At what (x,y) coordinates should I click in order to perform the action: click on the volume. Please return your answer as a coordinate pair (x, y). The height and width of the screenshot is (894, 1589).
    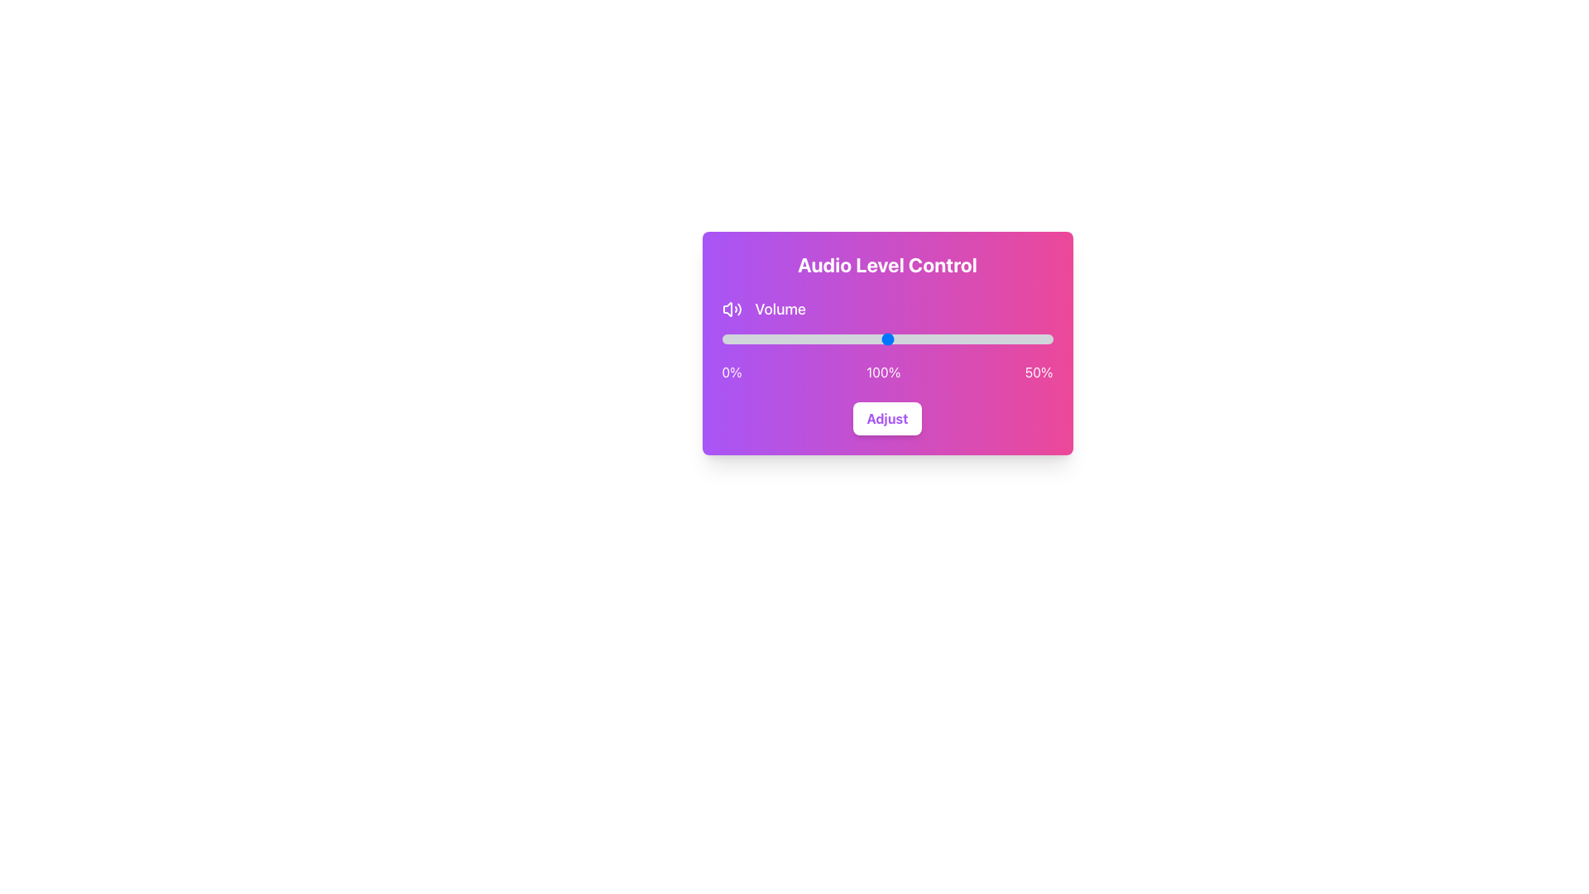
    Looking at the image, I should click on (896, 338).